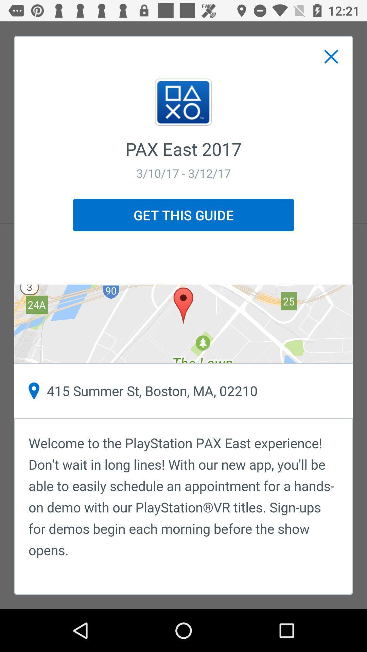  What do you see at coordinates (331, 57) in the screenshot?
I see `item above pax east 2017` at bounding box center [331, 57].